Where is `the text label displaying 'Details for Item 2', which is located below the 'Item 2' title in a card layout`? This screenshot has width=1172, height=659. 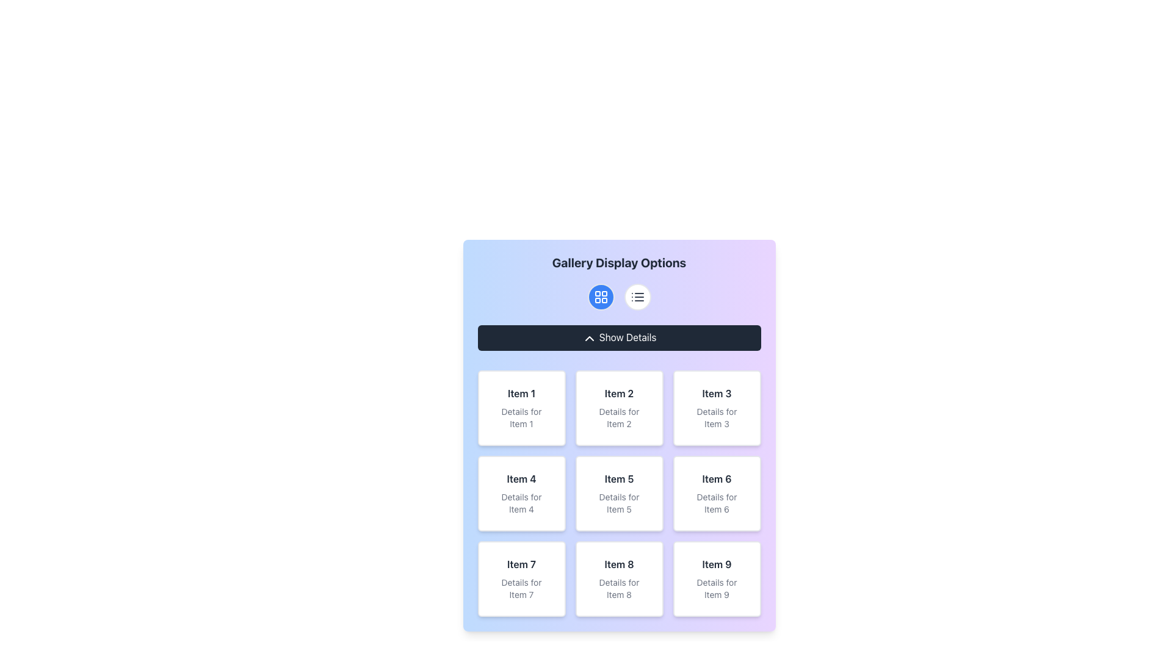
the text label displaying 'Details for Item 2', which is located below the 'Item 2' title in a card layout is located at coordinates (619, 417).